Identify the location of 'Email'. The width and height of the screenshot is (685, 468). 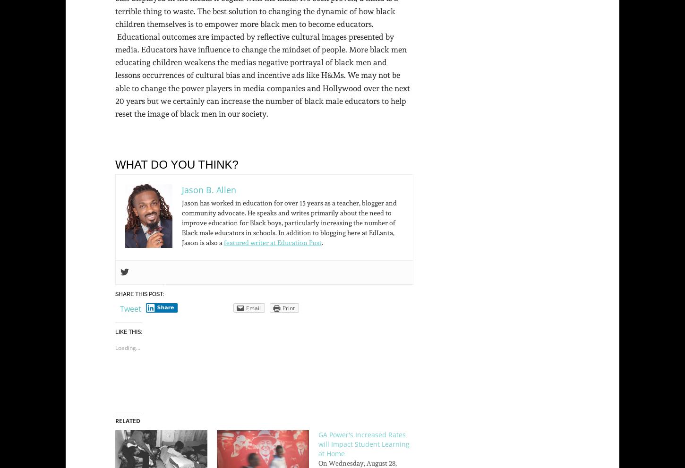
(253, 307).